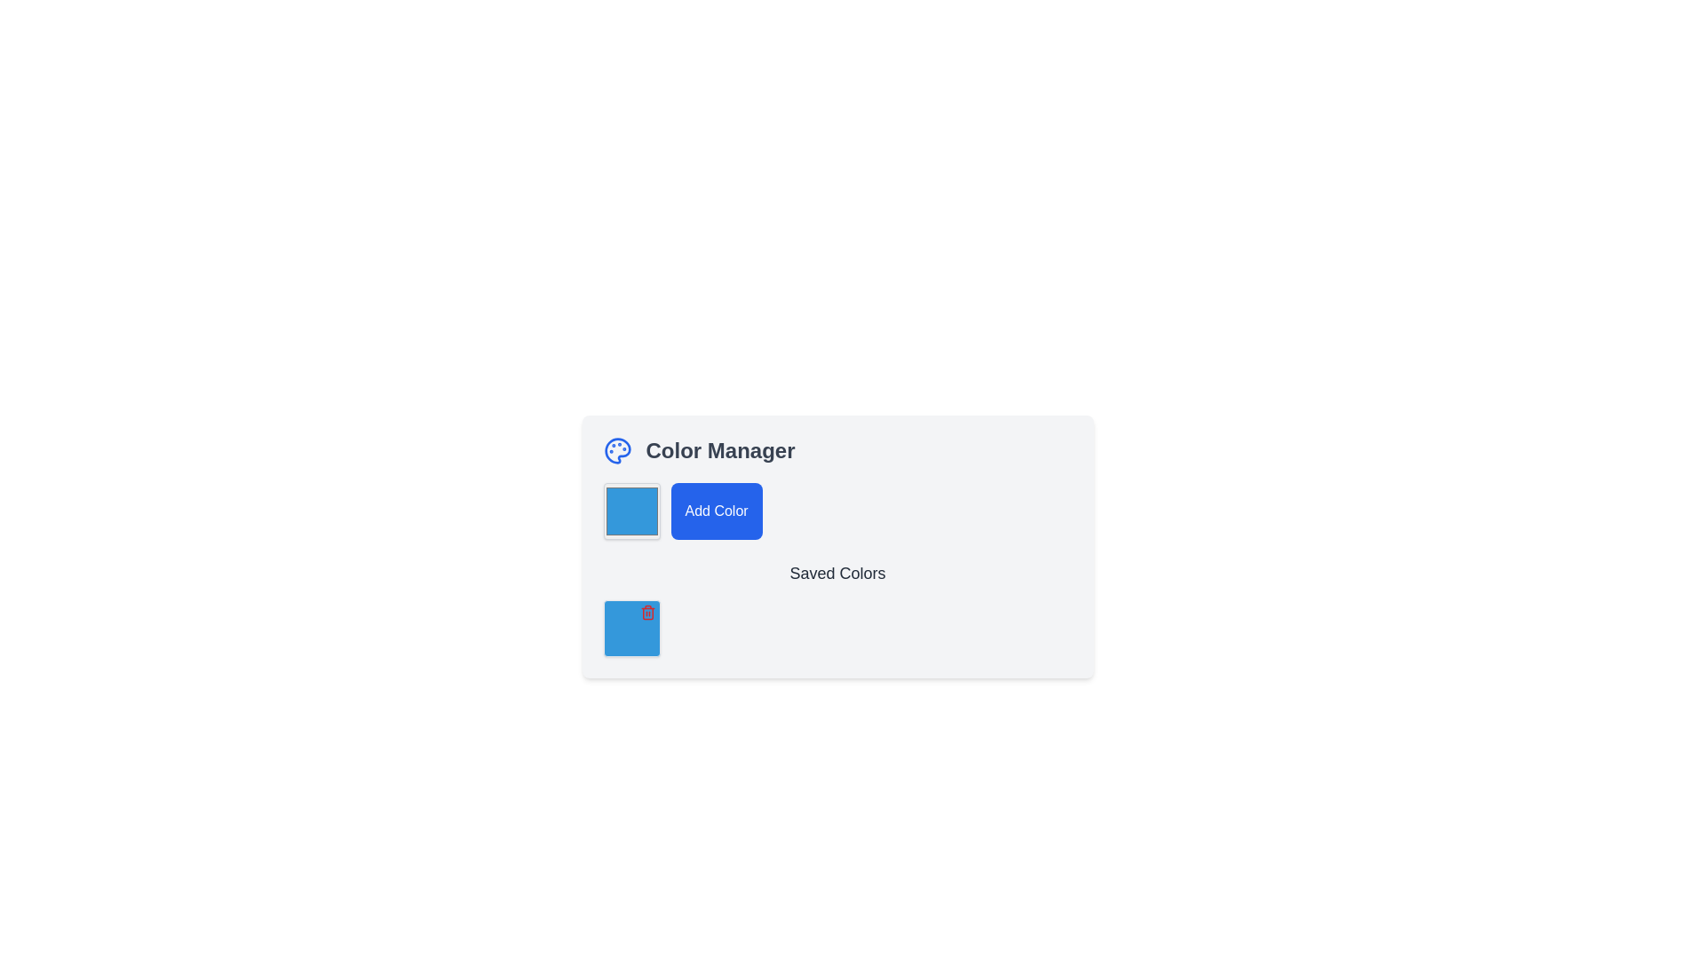  I want to click on the 'Saved Colors' text label, which is styled in a large, medium-weight gray font and positioned prominently beneath a control section, so click(837, 573).